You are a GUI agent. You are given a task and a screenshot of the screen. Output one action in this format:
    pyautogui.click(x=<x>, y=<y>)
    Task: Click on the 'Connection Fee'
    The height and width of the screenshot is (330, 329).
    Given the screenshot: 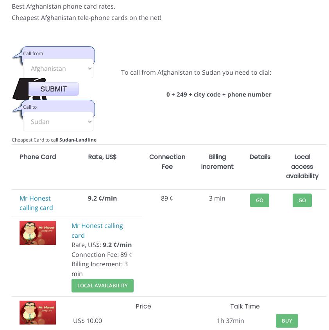 What is the action you would take?
    pyautogui.click(x=166, y=161)
    